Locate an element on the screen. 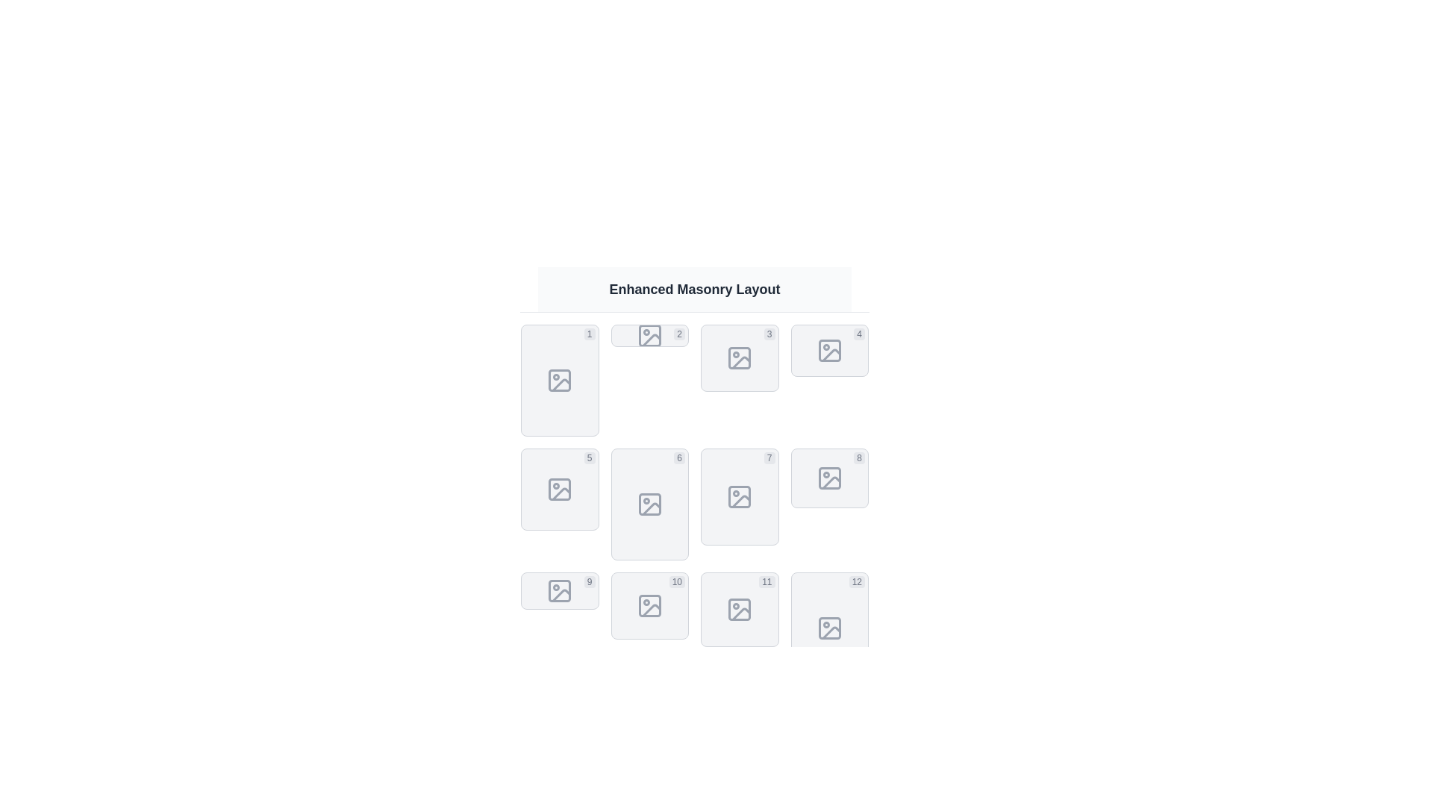  the Graphical Icon Component that represents an image icon within the visual media layout grid is located at coordinates (559, 379).